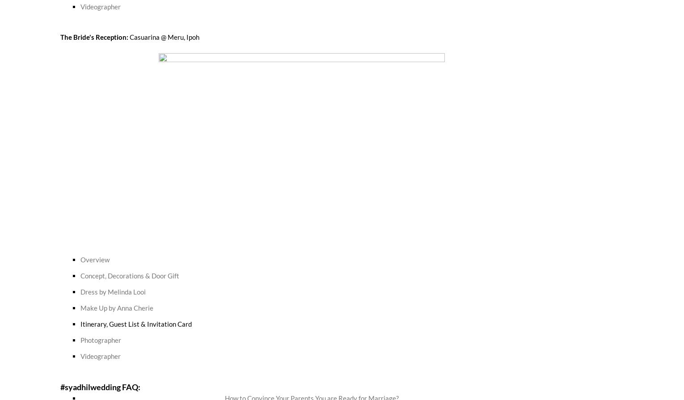  I want to click on 'Casuarina @ Meru, Ipoh', so click(164, 36).